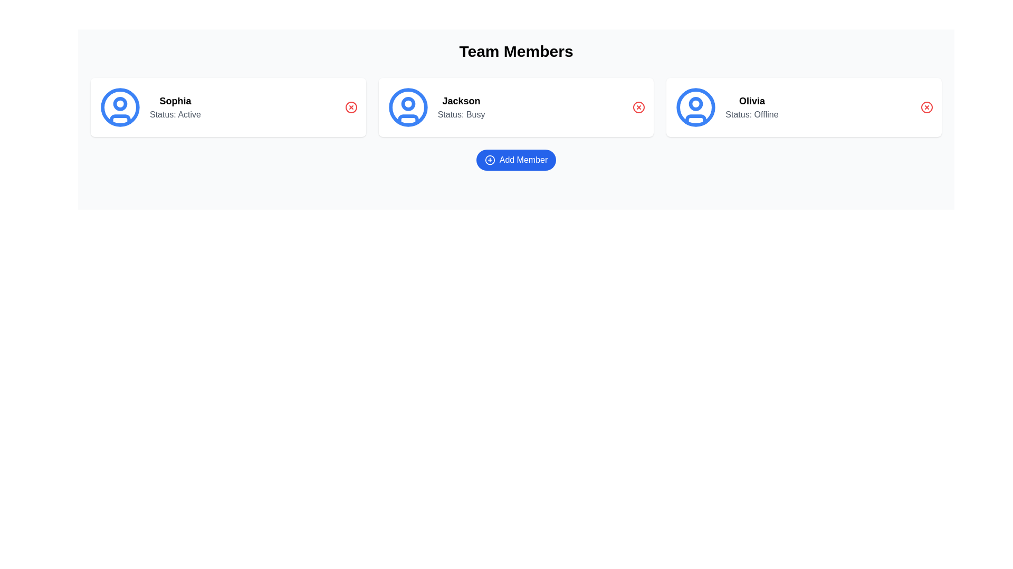 The height and width of the screenshot is (569, 1013). Describe the element at coordinates (696, 107) in the screenshot. I see `the circular user profile picture icon with a blue stroke, located in the third user card labeled 'Olivia' and 'Status: Offline'` at that location.